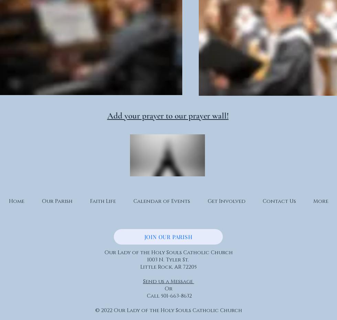 The image size is (337, 320). I want to click on 'Add your prayer to our prayer wall!', so click(167, 116).